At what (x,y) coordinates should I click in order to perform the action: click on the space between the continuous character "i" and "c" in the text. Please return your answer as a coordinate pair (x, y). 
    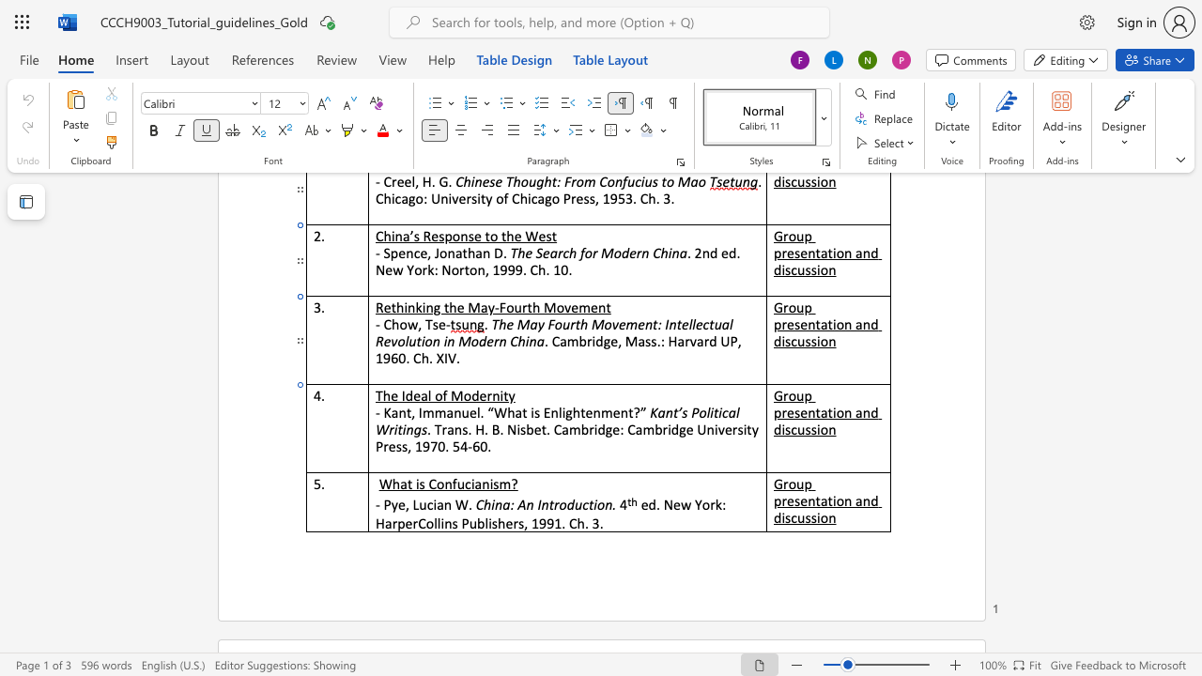
    Looking at the image, I should click on (721, 411).